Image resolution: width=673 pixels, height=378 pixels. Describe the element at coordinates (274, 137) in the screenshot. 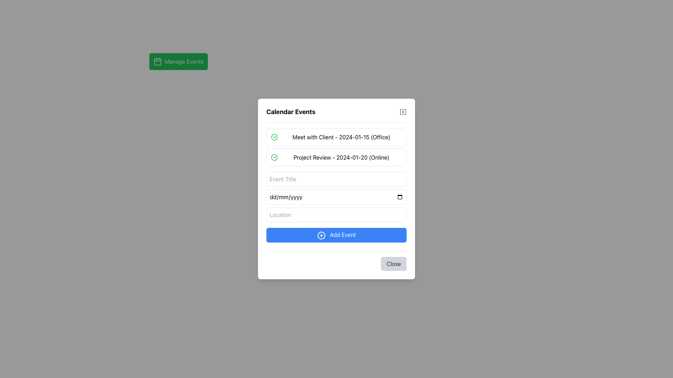

I see `the visual indicator icon confirming the status of the event 'Meet with Client' in the 'Calendar Events' dialog` at that location.